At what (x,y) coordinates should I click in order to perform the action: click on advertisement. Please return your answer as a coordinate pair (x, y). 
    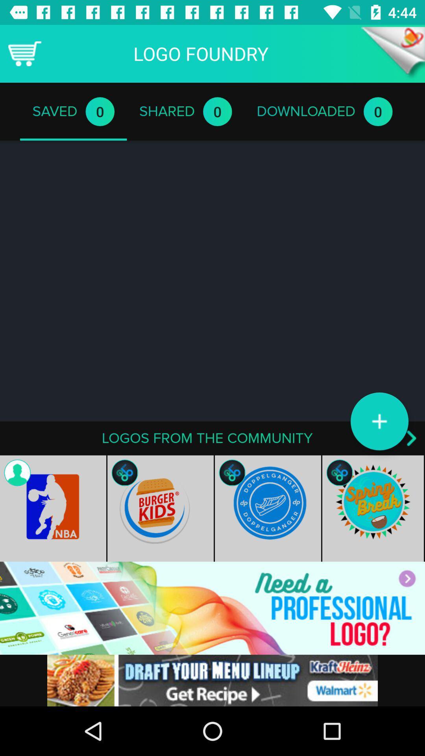
    Looking at the image, I should click on (213, 680).